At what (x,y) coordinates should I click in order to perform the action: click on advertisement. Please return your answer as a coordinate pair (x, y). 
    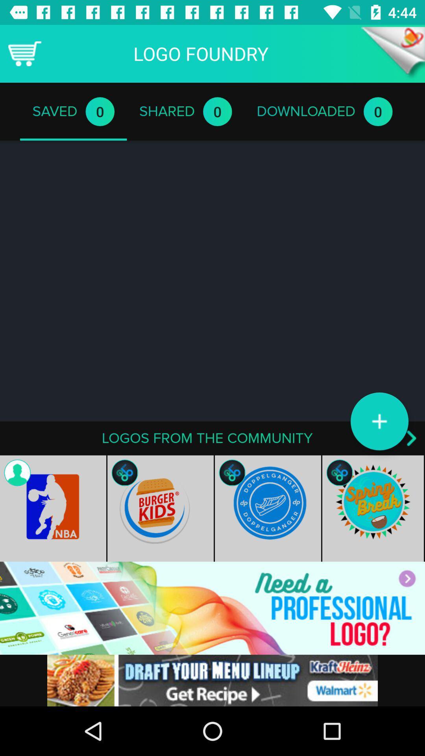
    Looking at the image, I should click on (213, 680).